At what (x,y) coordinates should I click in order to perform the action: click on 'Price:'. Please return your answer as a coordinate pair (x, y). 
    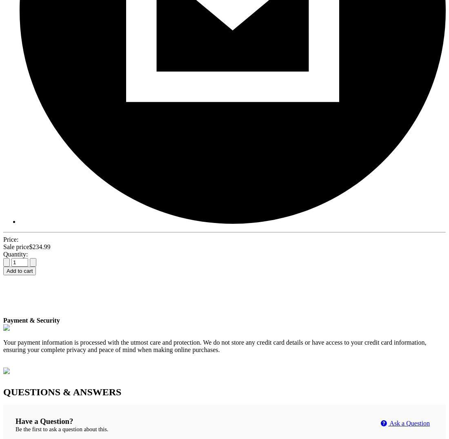
    Looking at the image, I should click on (10, 239).